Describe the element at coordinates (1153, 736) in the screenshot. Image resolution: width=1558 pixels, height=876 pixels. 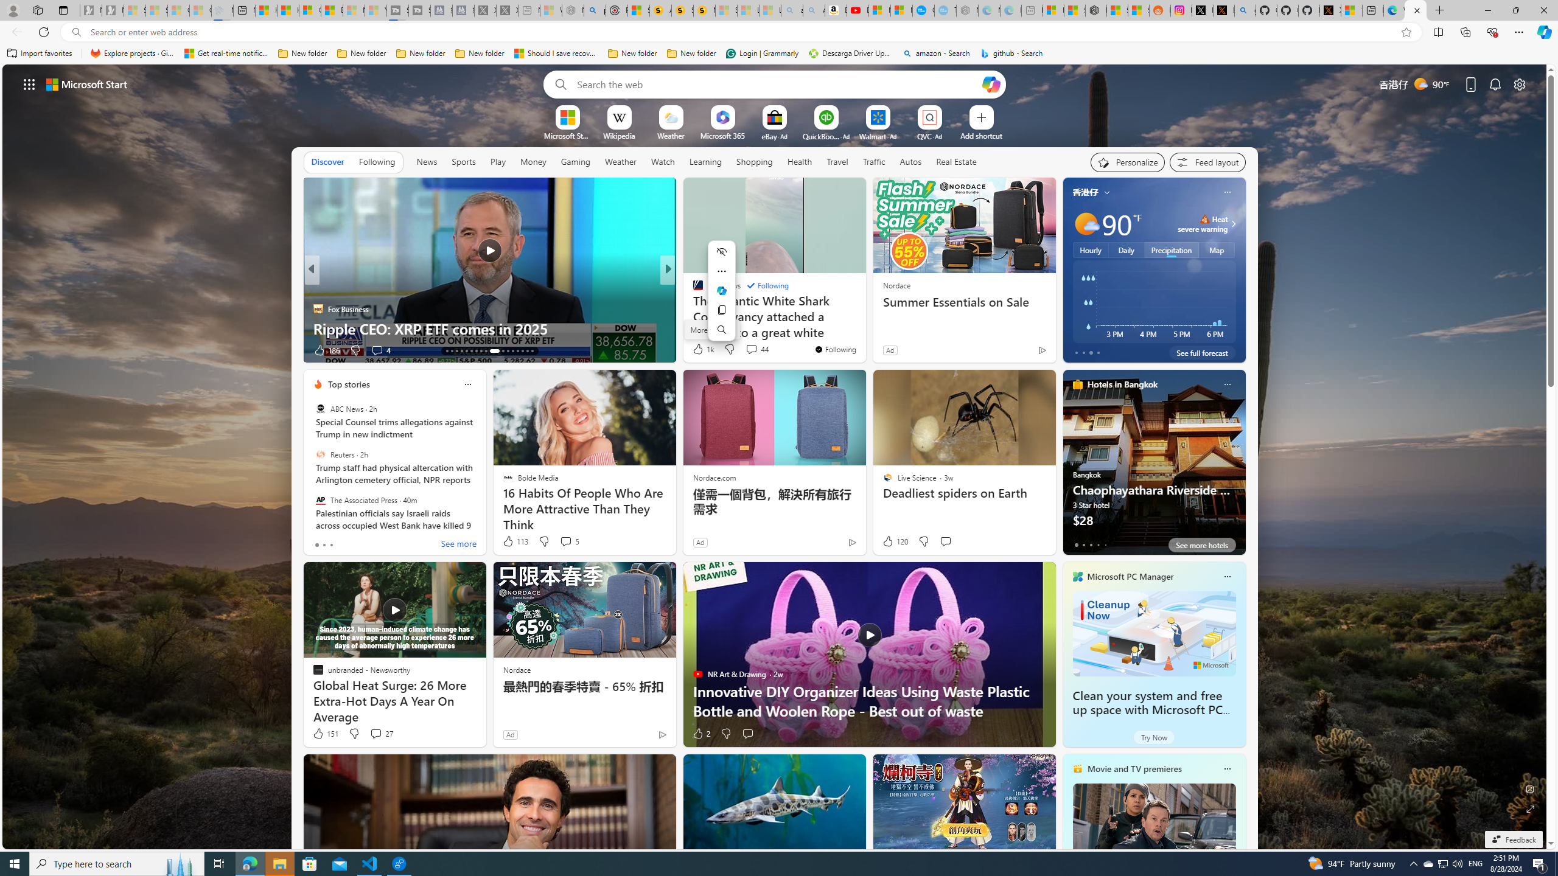
I see `'Try Now'` at that location.